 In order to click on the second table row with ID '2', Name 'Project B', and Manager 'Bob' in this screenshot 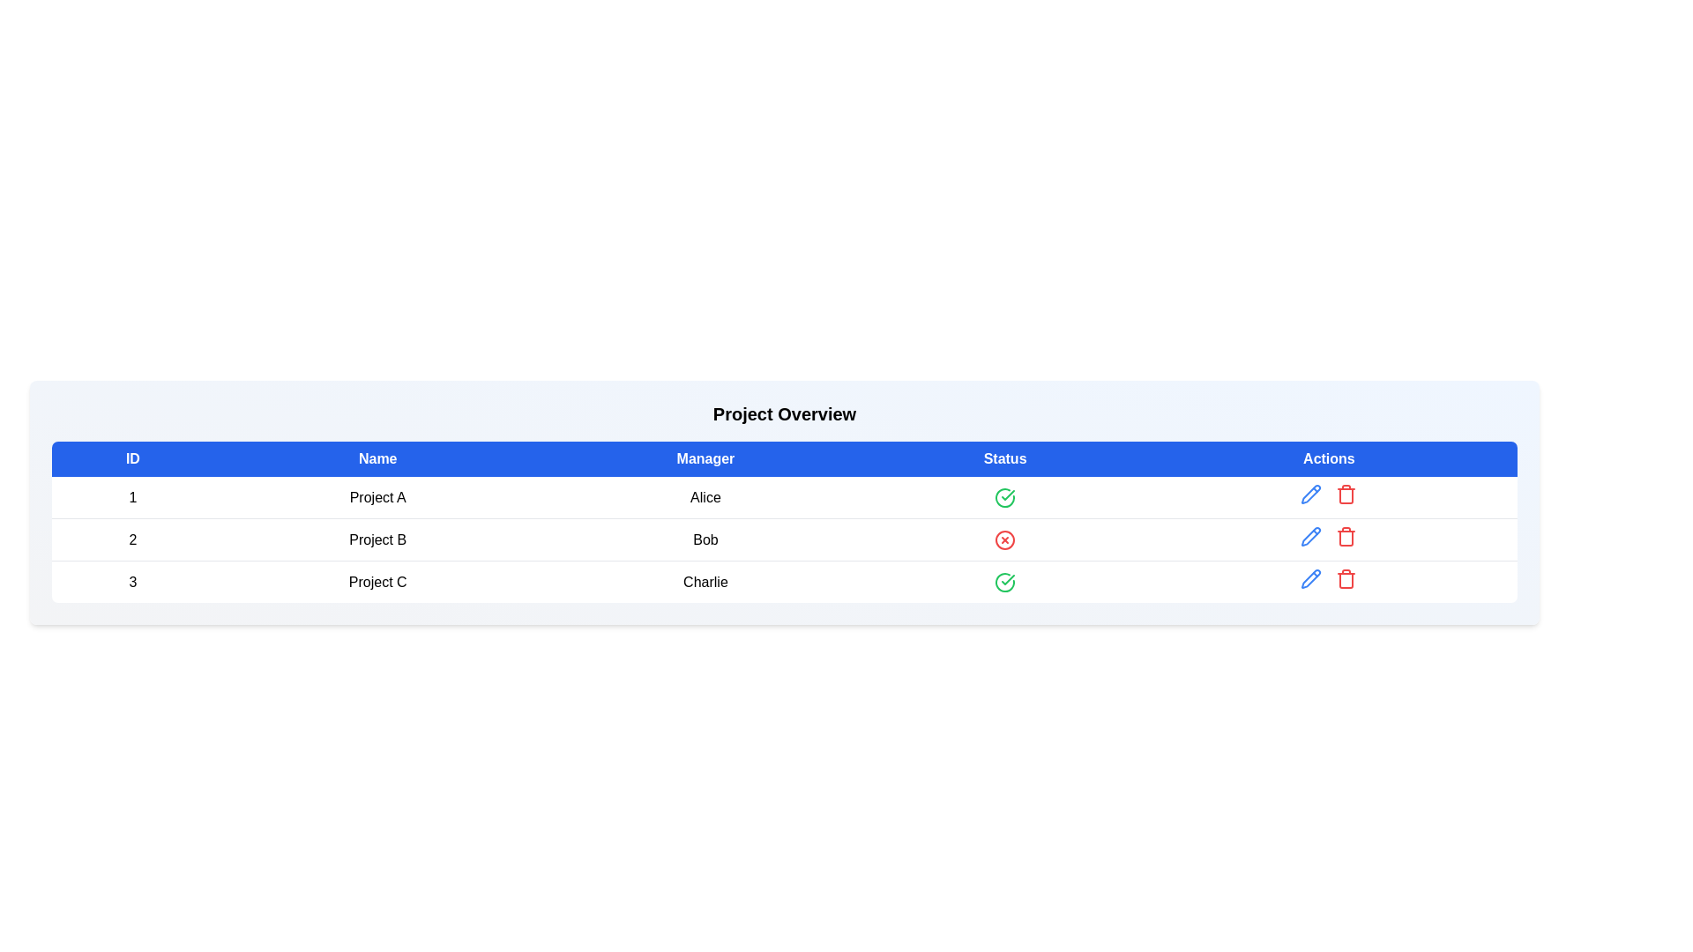, I will do `click(783, 539)`.